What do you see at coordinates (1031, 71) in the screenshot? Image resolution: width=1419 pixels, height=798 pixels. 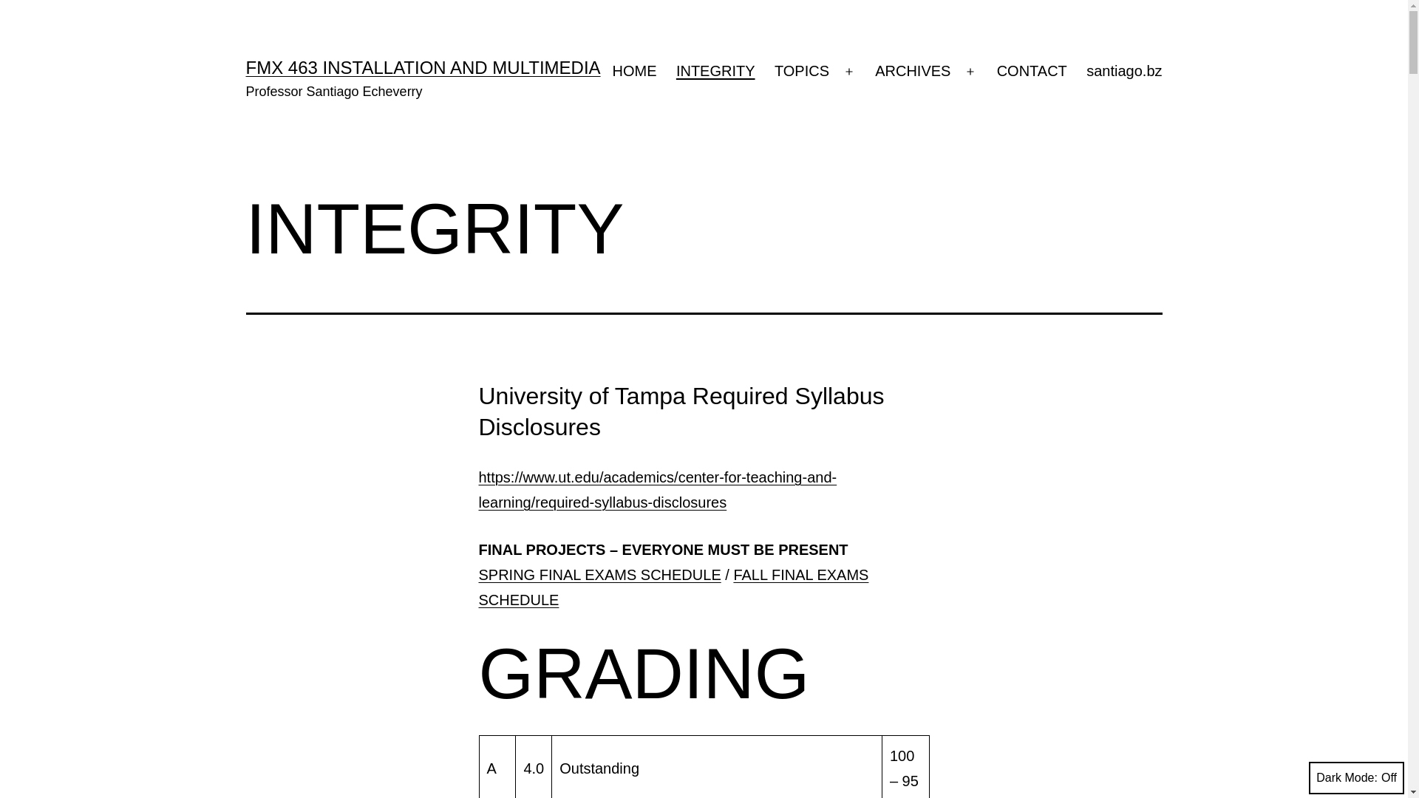 I see `'CONTACT'` at bounding box center [1031, 71].